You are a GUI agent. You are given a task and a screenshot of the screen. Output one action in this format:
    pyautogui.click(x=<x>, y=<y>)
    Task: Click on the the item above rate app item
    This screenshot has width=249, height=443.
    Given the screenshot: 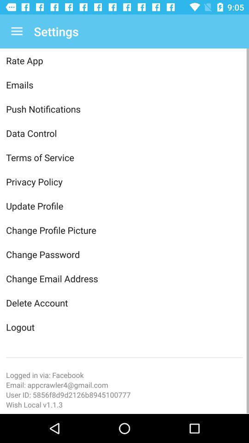 What is the action you would take?
    pyautogui.click(x=17, y=31)
    